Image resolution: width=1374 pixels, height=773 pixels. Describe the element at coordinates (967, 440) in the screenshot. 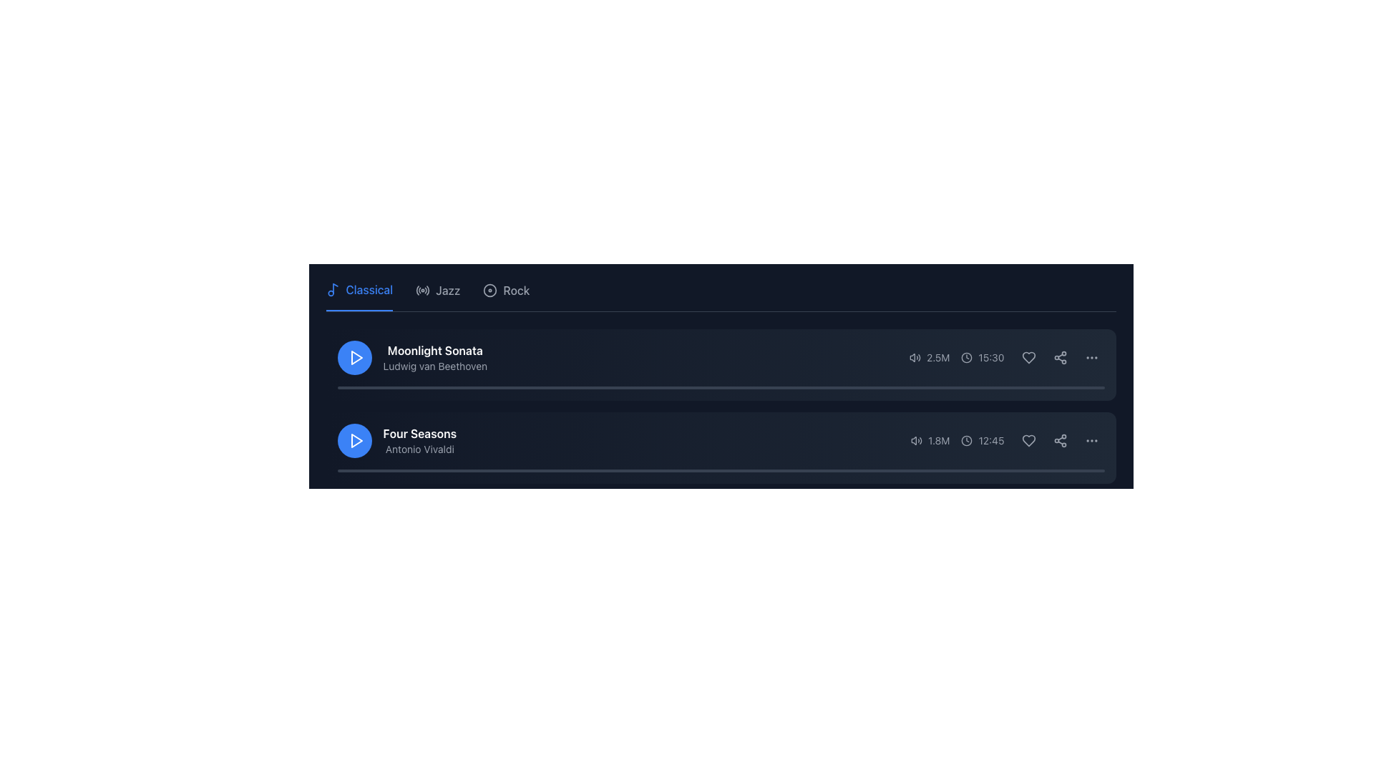

I see `the clock icon with a minimalistic outline design located to the left of the time text '12:45' in the lower right section of the 'Four Seasons' card` at that location.